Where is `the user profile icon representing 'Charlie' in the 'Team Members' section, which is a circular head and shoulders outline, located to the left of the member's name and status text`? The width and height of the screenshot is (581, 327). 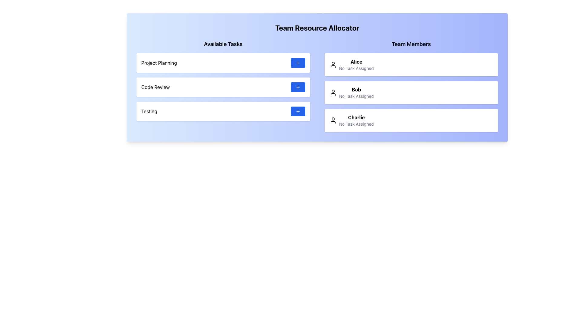 the user profile icon representing 'Charlie' in the 'Team Members' section, which is a circular head and shoulders outline, located to the left of the member's name and status text is located at coordinates (333, 120).